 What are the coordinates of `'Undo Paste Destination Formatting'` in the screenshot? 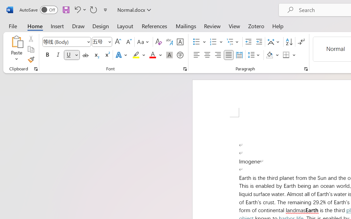 It's located at (79, 9).